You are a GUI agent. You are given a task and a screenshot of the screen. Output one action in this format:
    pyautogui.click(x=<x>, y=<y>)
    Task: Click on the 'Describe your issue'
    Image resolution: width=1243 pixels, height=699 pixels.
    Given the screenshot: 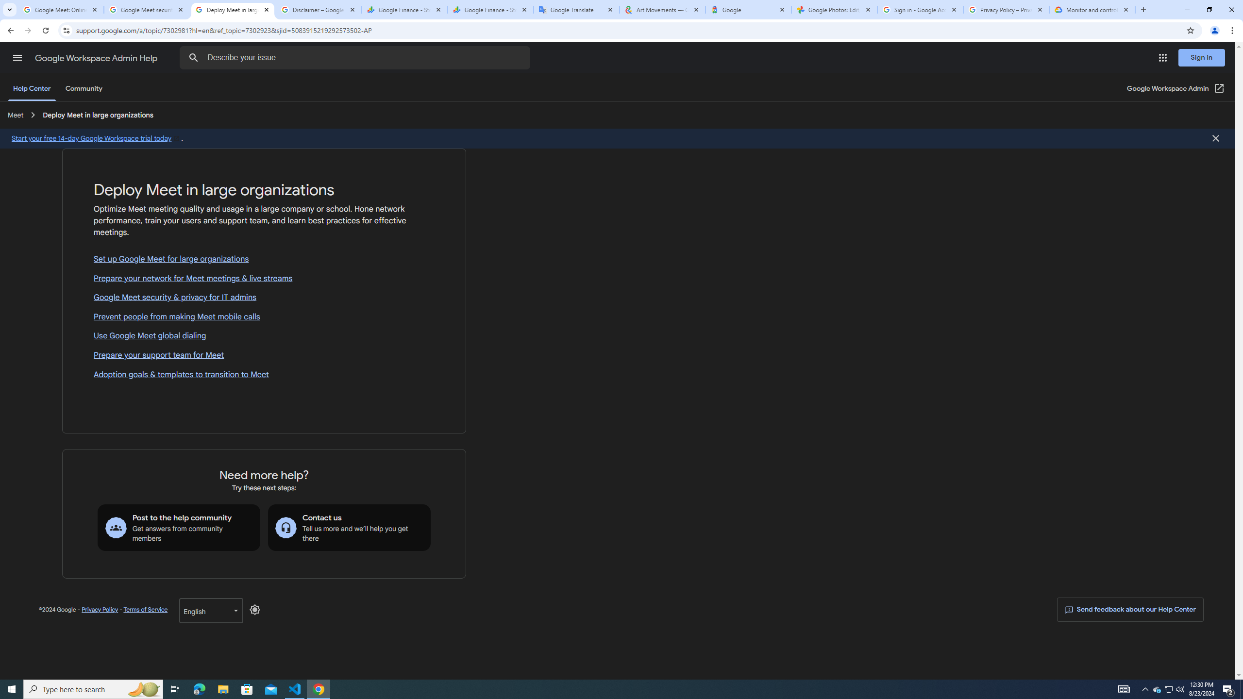 What is the action you would take?
    pyautogui.click(x=356, y=57)
    